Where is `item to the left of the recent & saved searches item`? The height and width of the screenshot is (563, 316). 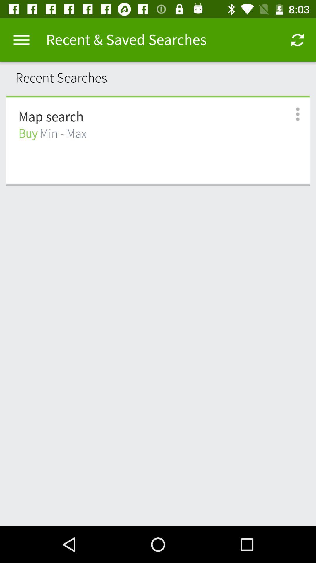 item to the left of the recent & saved searches item is located at coordinates (21, 40).